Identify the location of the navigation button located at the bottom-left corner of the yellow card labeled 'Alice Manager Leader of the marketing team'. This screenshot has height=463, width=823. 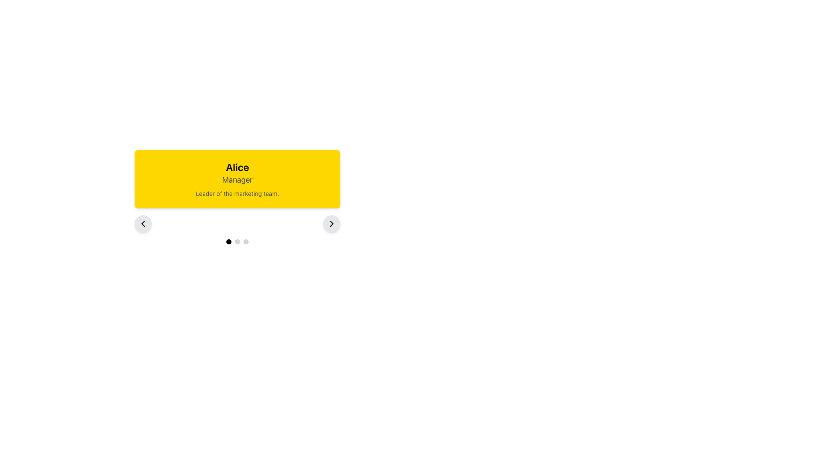
(143, 223).